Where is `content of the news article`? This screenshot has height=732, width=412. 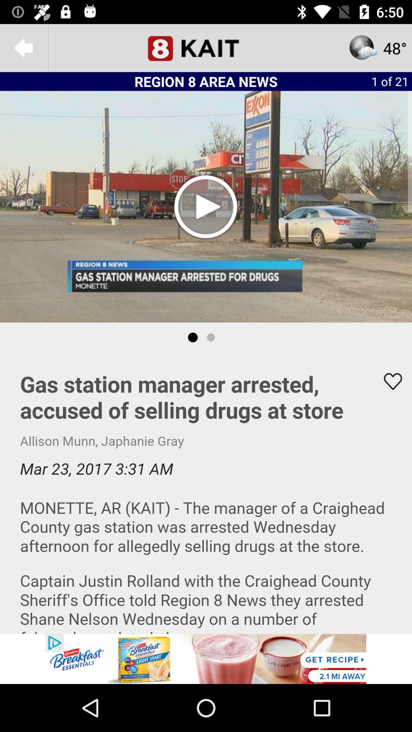 content of the news article is located at coordinates (206, 493).